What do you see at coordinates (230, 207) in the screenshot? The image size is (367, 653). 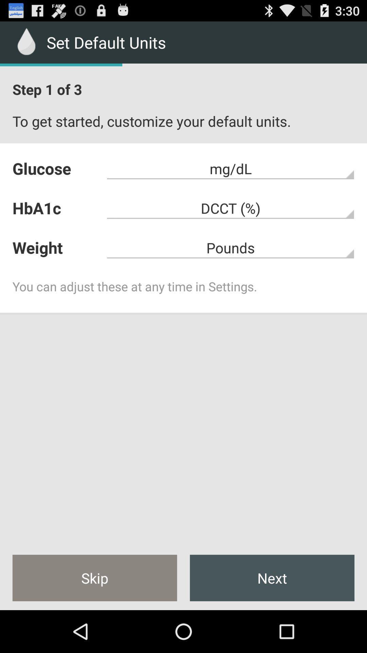 I see `app above the weight icon` at bounding box center [230, 207].